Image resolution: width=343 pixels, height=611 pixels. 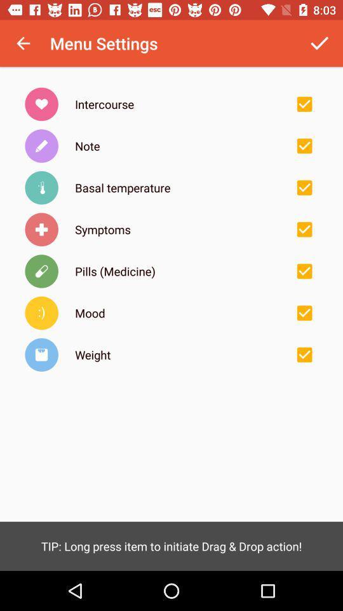 I want to click on item selection box, so click(x=304, y=103).